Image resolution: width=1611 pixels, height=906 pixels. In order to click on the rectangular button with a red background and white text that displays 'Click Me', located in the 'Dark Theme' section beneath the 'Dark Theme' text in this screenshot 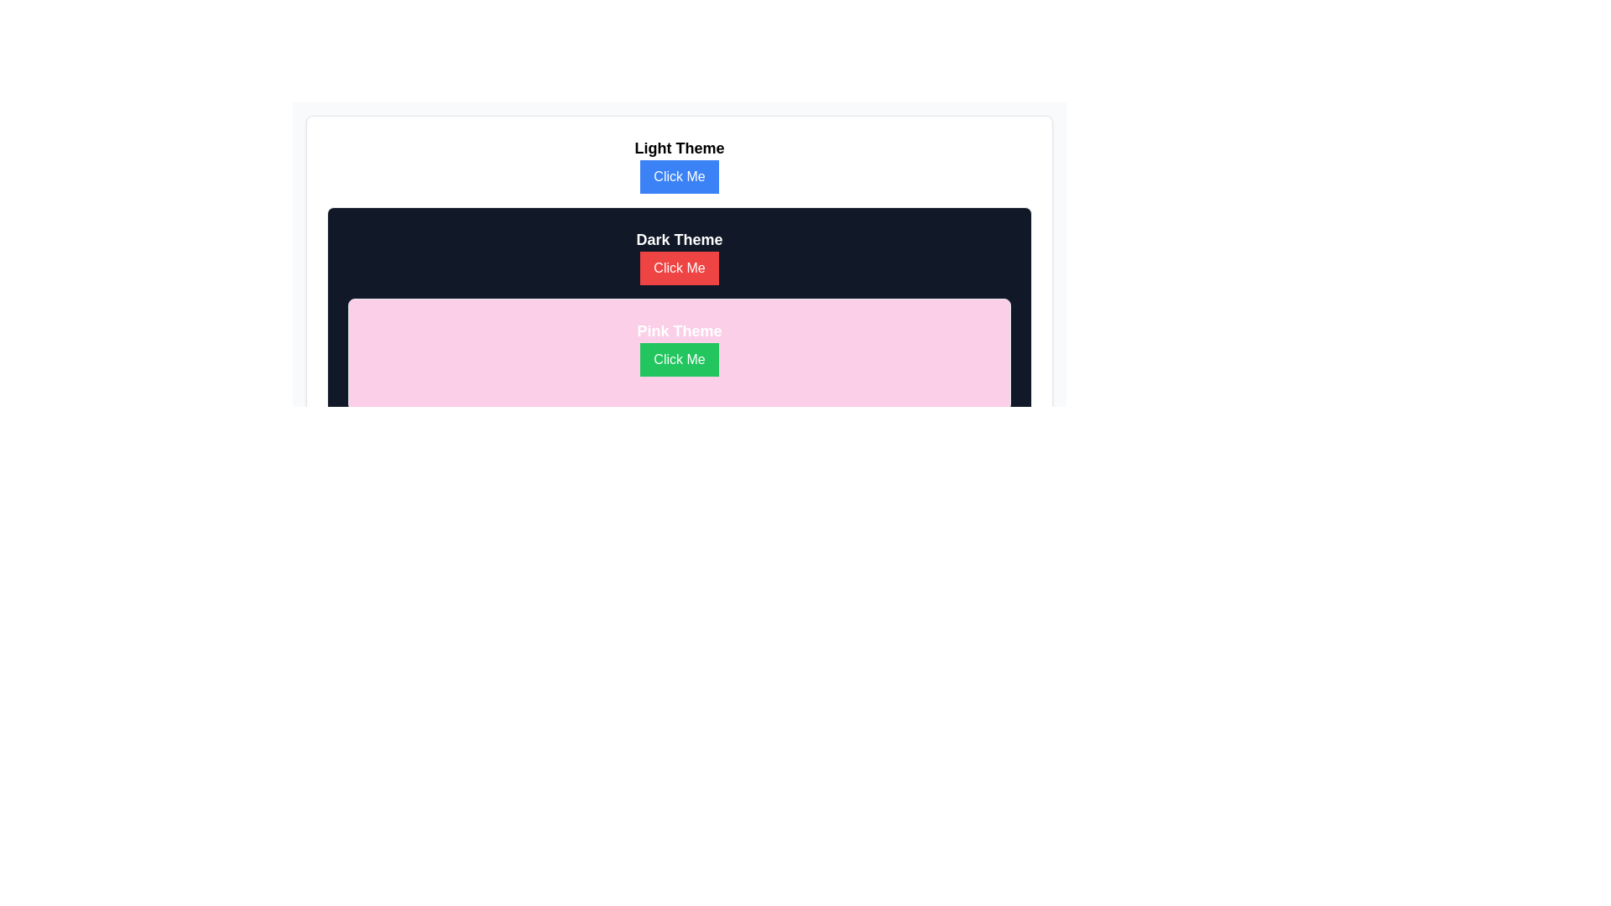, I will do `click(680, 268)`.